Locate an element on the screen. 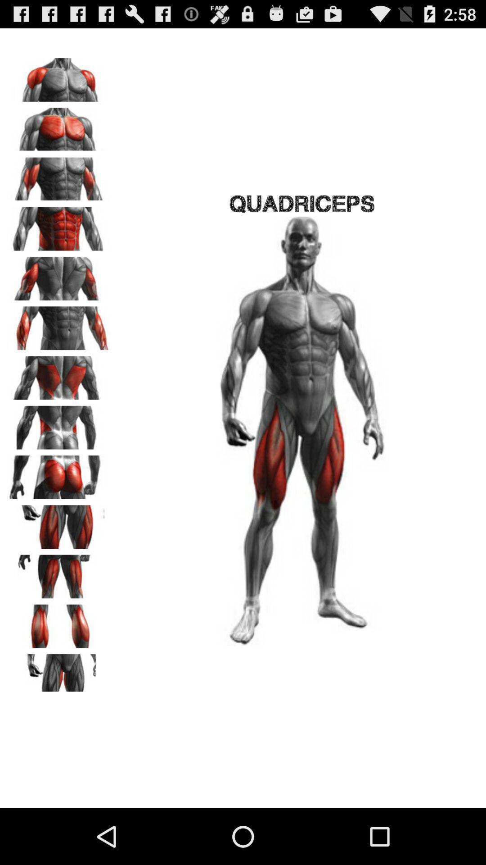  see image is located at coordinates (59, 275).